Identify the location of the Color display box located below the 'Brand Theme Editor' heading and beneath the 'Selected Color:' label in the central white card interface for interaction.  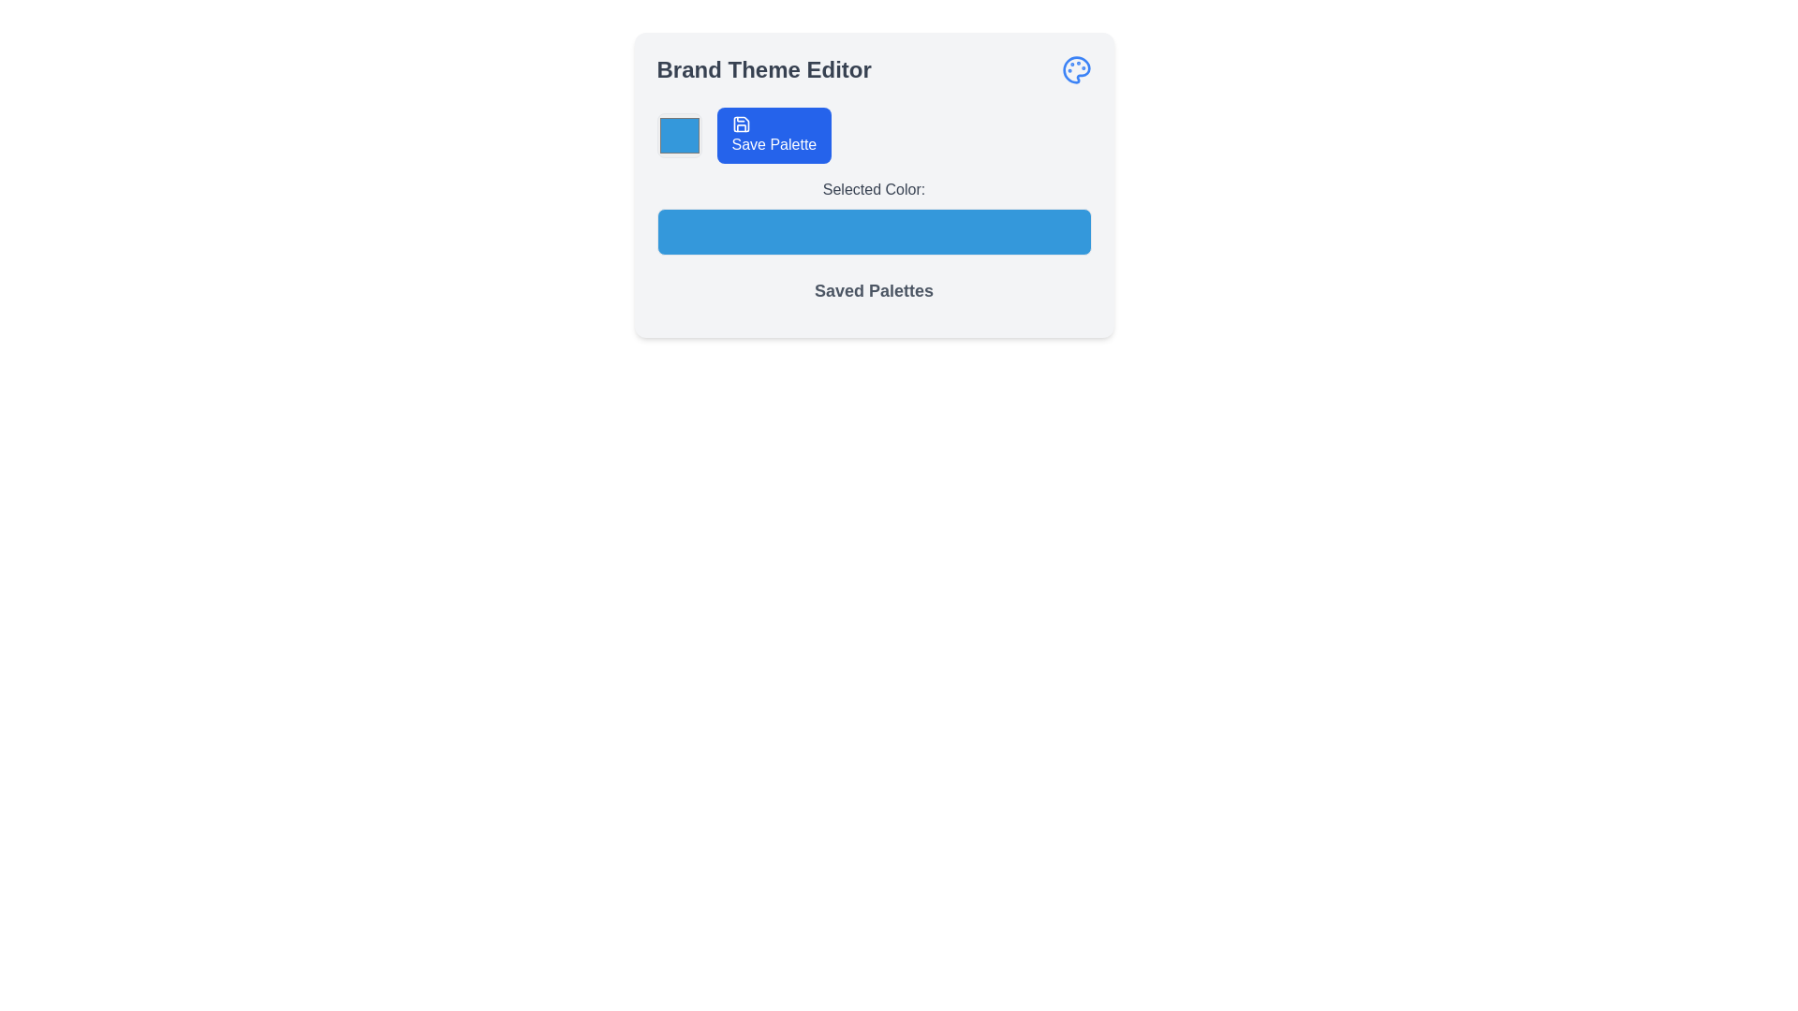
(873, 247).